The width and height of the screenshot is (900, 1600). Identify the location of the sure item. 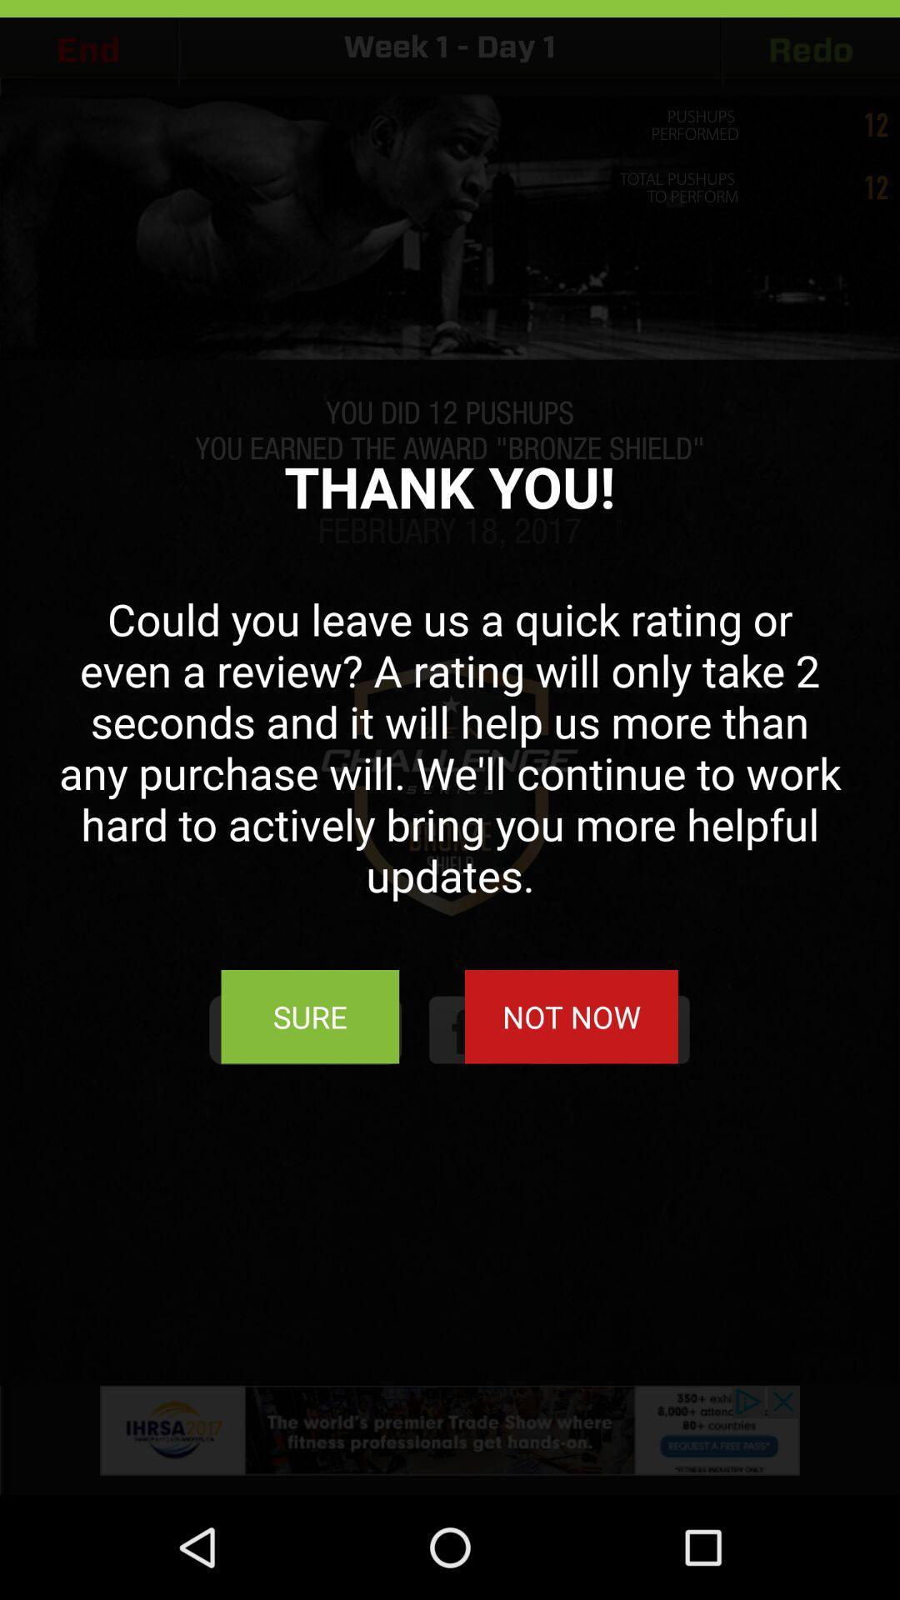
(310, 1016).